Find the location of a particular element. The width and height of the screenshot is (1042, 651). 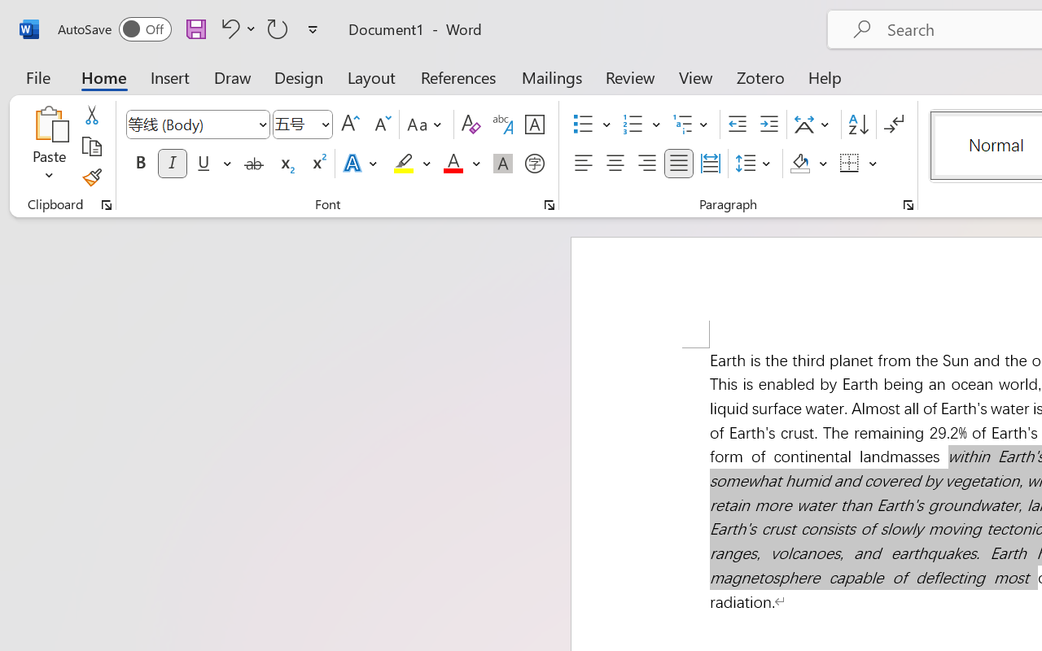

'Strikethrough' is located at coordinates (253, 164).